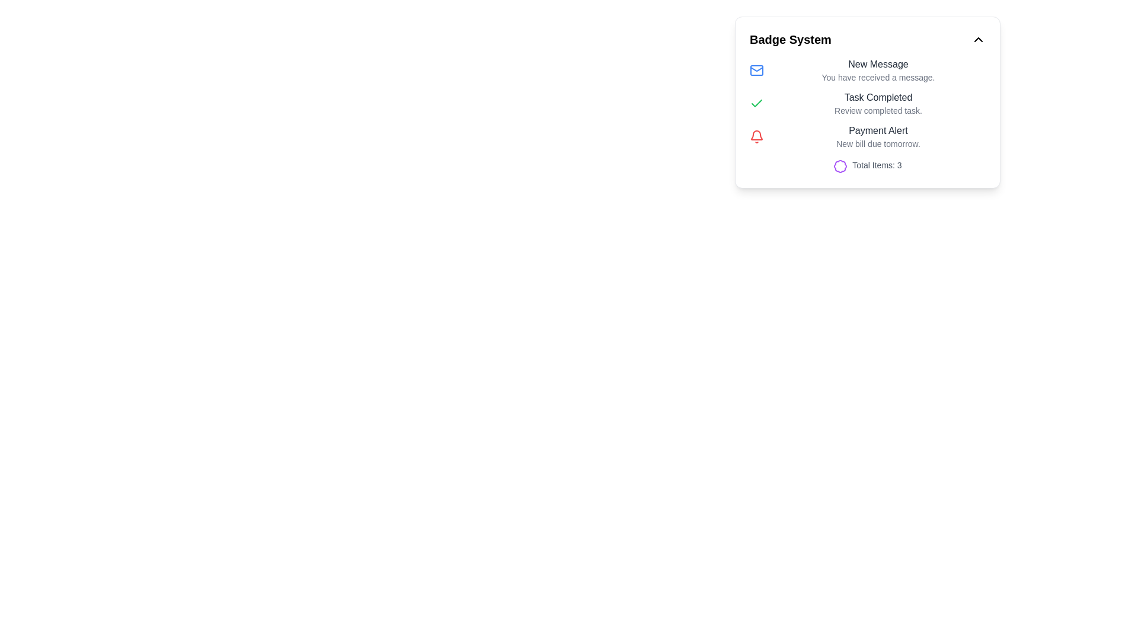  What do you see at coordinates (840, 167) in the screenshot?
I see `the decorative icon that represents the badge system's total item count, located near the bottom of the 'Badge System' widget, aligned with the text 'Total Items: 3'` at bounding box center [840, 167].